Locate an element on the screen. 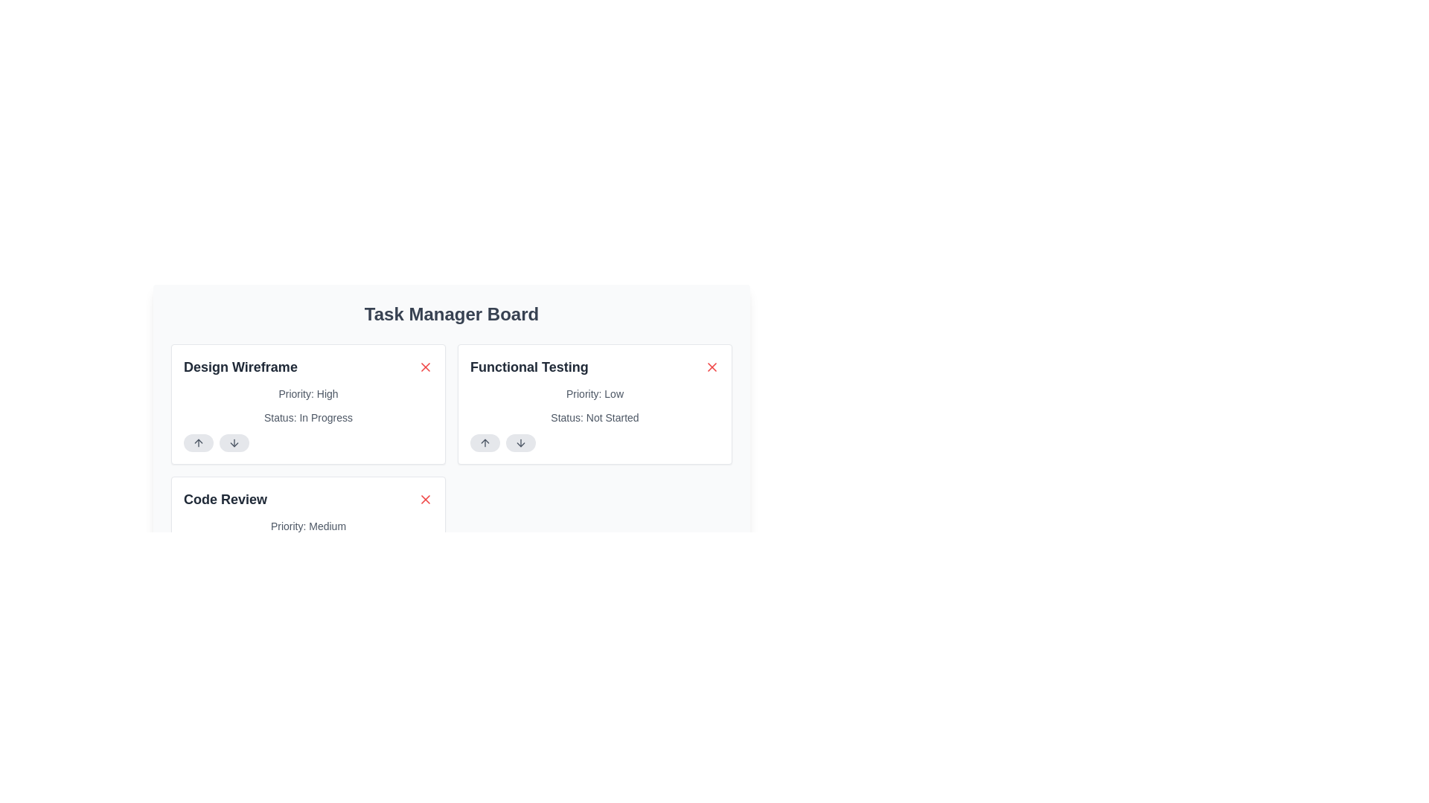 The image size is (1429, 803). the close or delete icon button located in the top-right corner of the 'Functional Testing' card is located at coordinates (711, 367).